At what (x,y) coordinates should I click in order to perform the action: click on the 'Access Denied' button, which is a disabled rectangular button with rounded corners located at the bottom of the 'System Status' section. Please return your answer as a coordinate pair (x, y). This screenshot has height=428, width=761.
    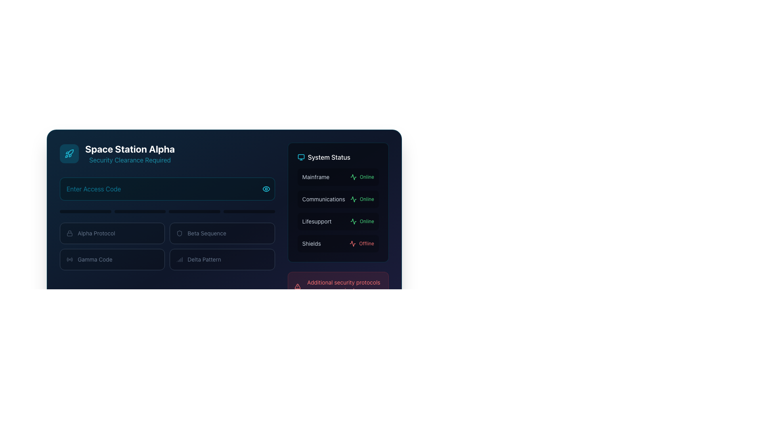
    Looking at the image, I should click on (338, 322).